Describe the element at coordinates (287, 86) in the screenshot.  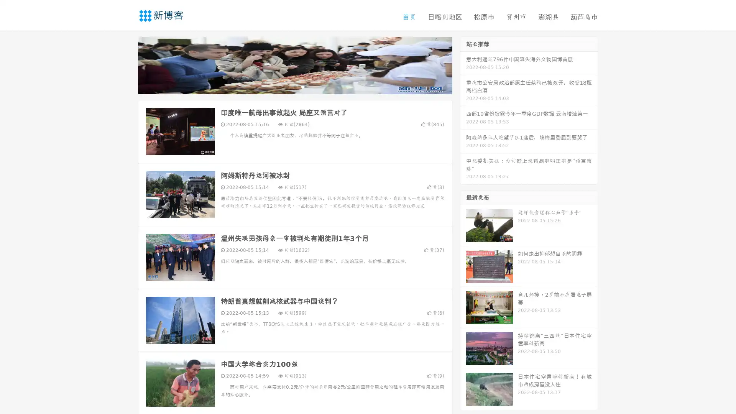
I see `Go to slide 1` at that location.